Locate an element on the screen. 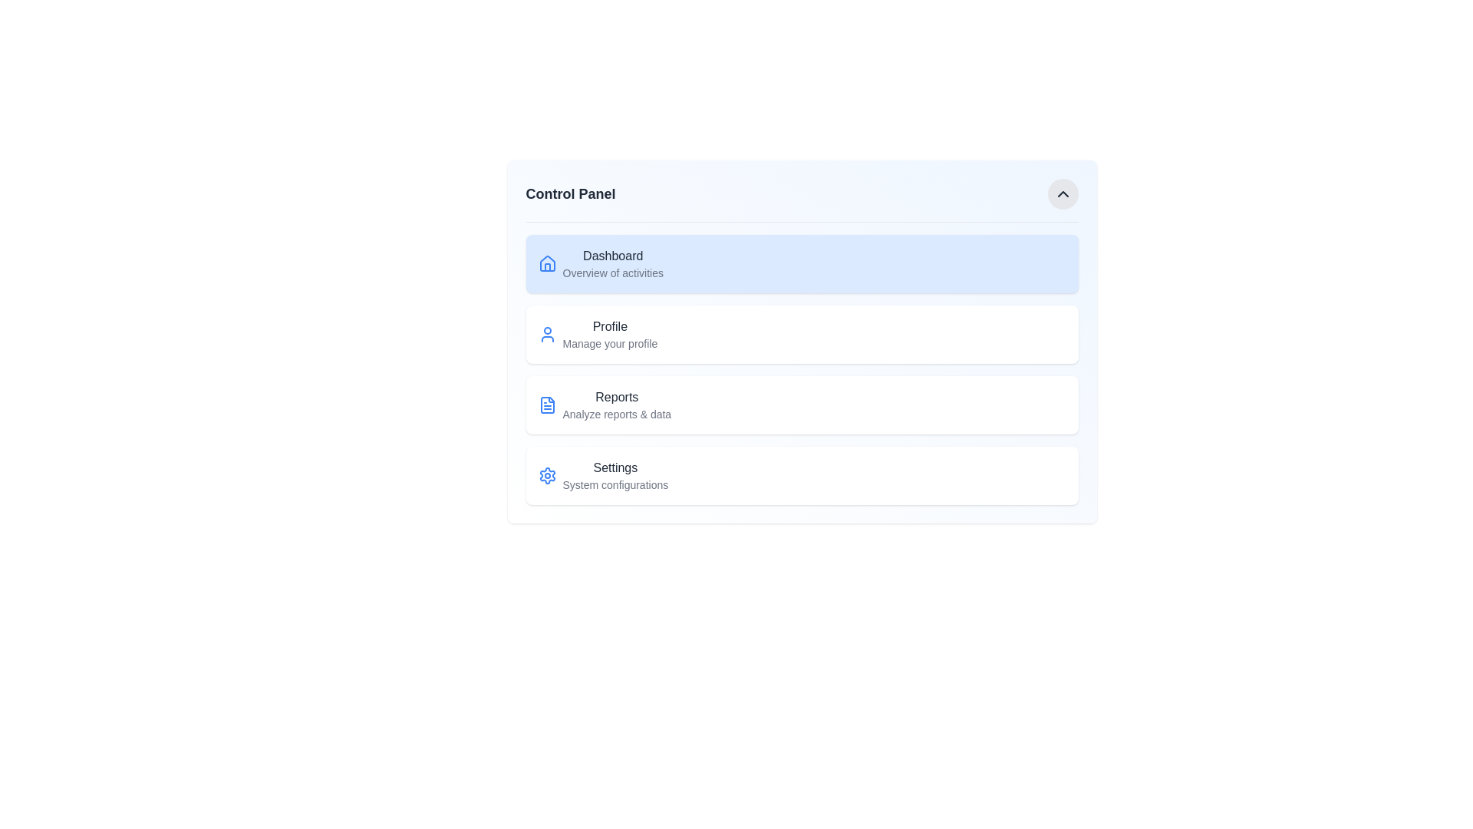 The height and width of the screenshot is (829, 1473). the toggle button located is located at coordinates (1062, 193).